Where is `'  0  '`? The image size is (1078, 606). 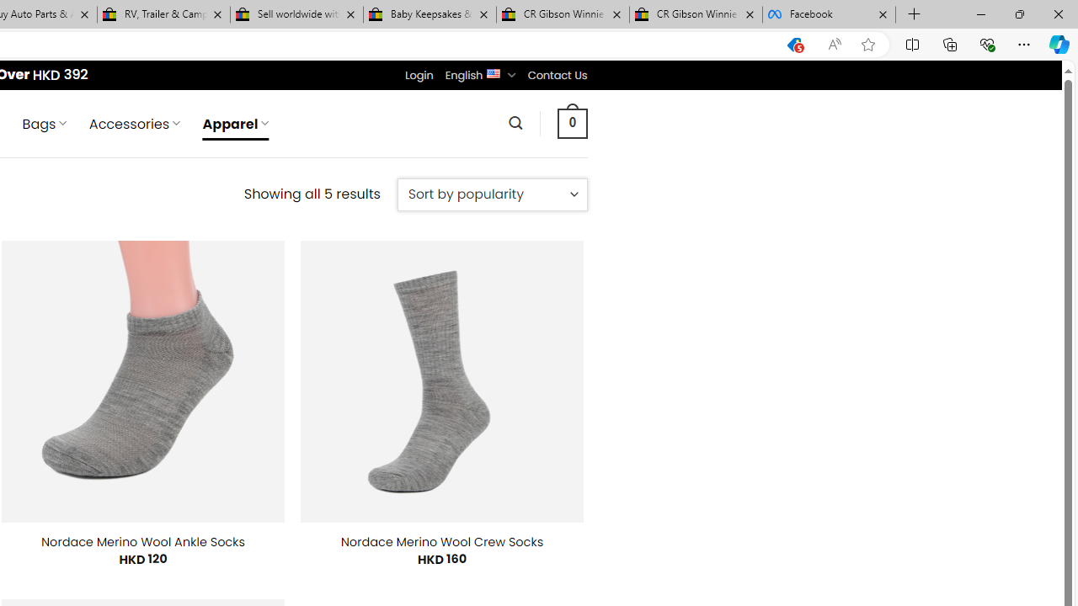 '  0  ' is located at coordinates (572, 122).